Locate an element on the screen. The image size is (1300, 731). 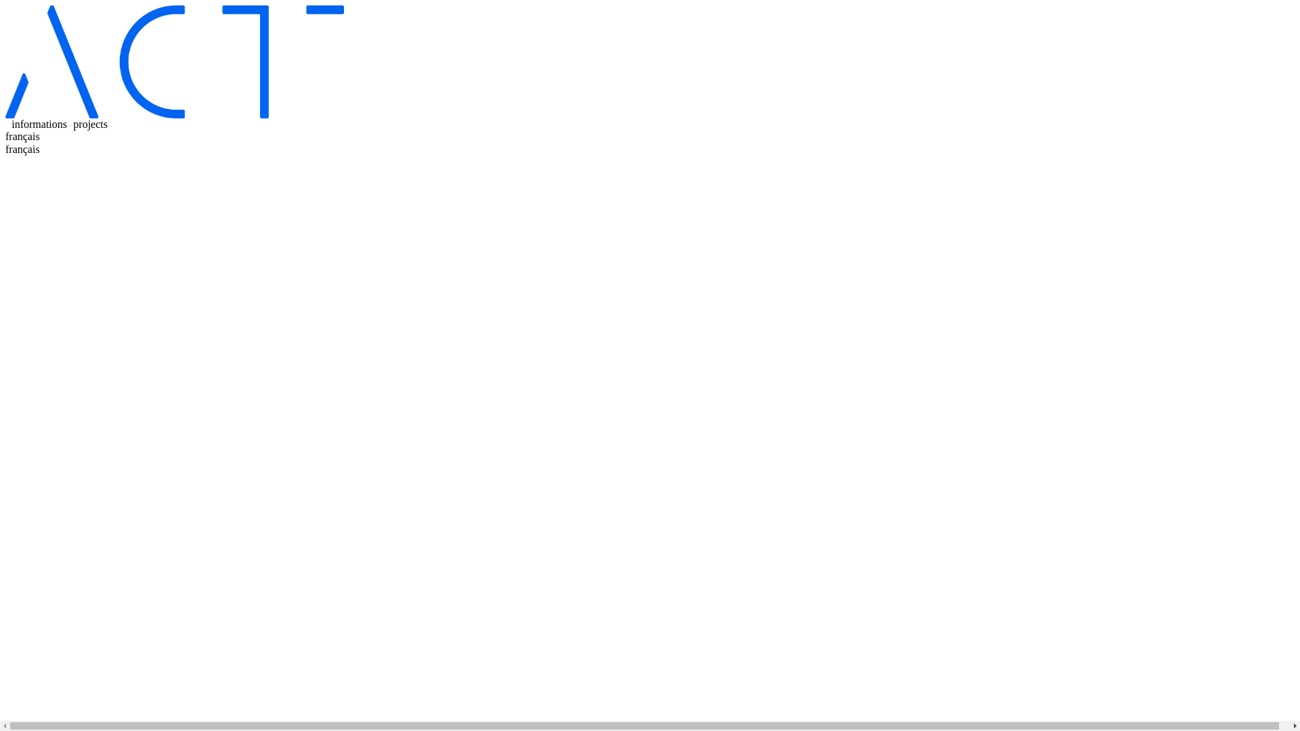
'informations' is located at coordinates (39, 124).